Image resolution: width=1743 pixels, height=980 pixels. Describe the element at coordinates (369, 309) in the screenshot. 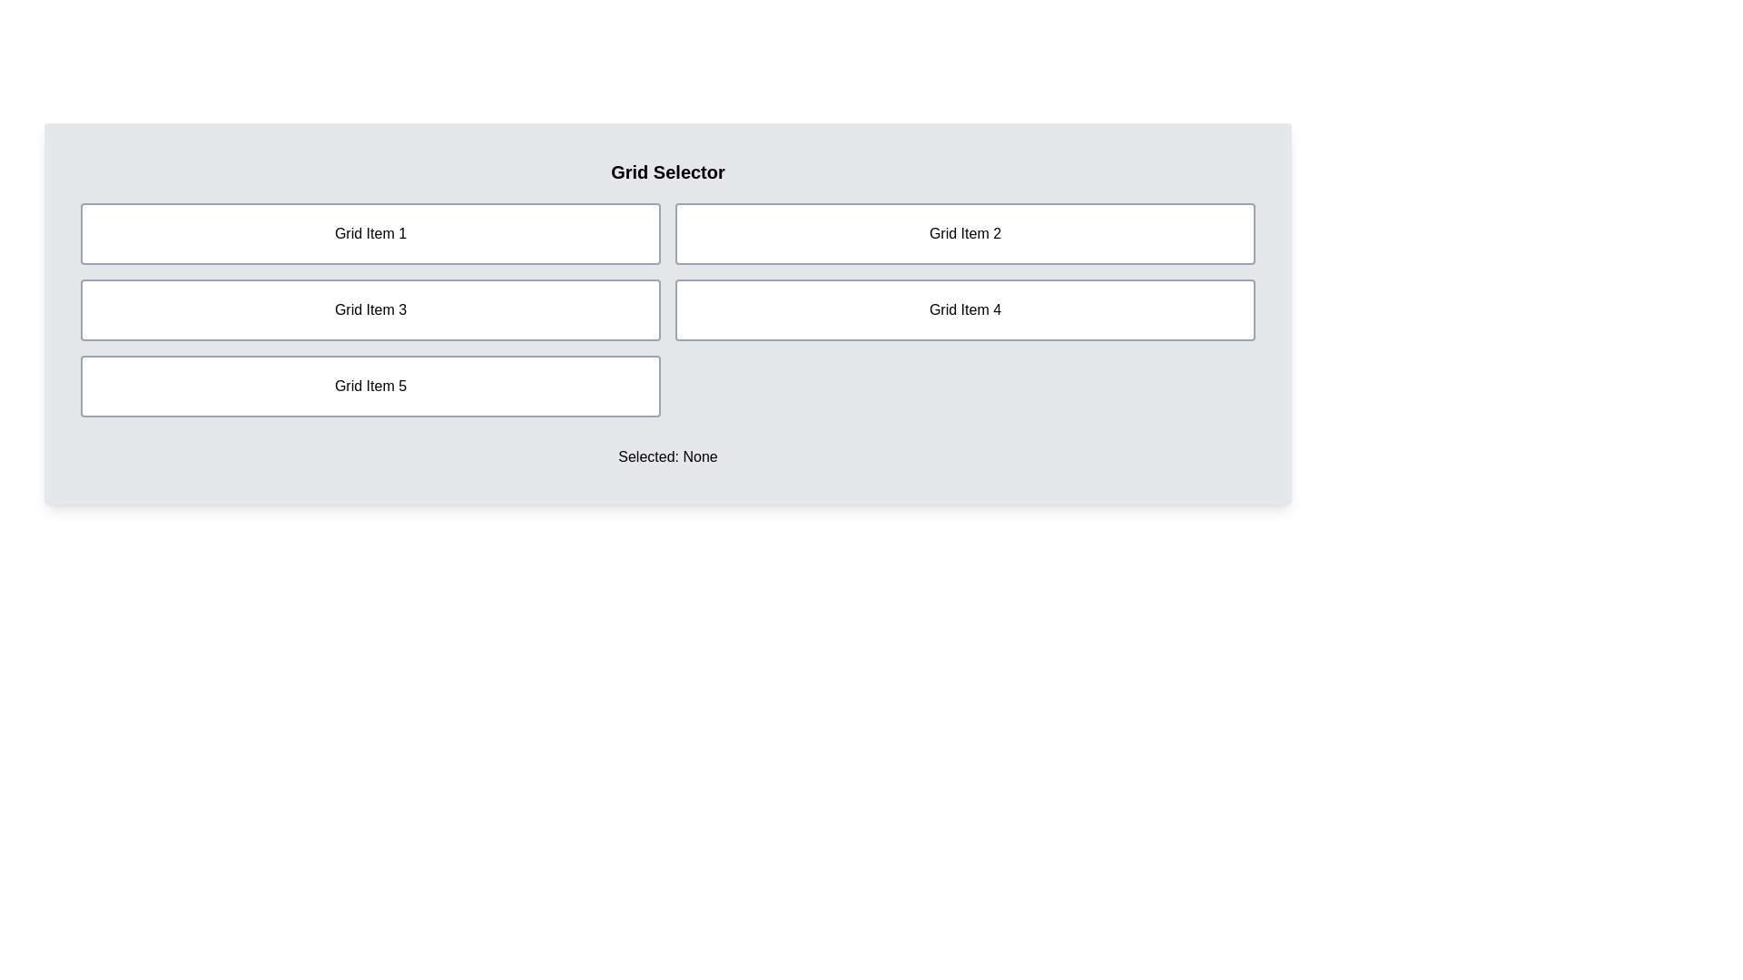

I see `the third selectable grid item located in the second row, first column` at that location.